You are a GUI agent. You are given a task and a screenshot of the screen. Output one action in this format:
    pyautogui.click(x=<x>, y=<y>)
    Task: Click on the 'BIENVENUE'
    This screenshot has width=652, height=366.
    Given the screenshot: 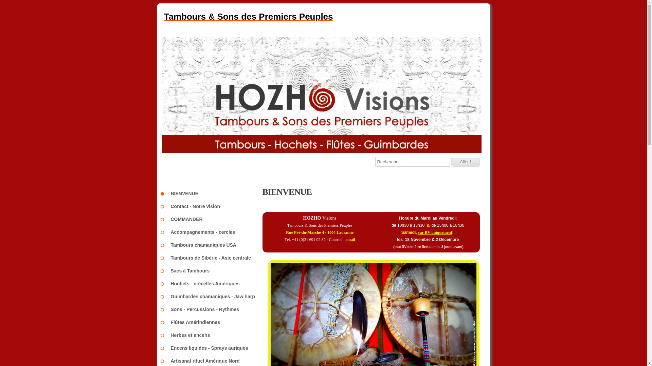 What is the action you would take?
    pyautogui.click(x=211, y=193)
    